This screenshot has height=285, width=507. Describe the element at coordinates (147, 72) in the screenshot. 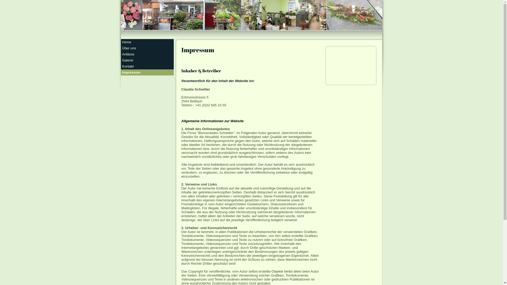

I see `'Impressum'` at that location.